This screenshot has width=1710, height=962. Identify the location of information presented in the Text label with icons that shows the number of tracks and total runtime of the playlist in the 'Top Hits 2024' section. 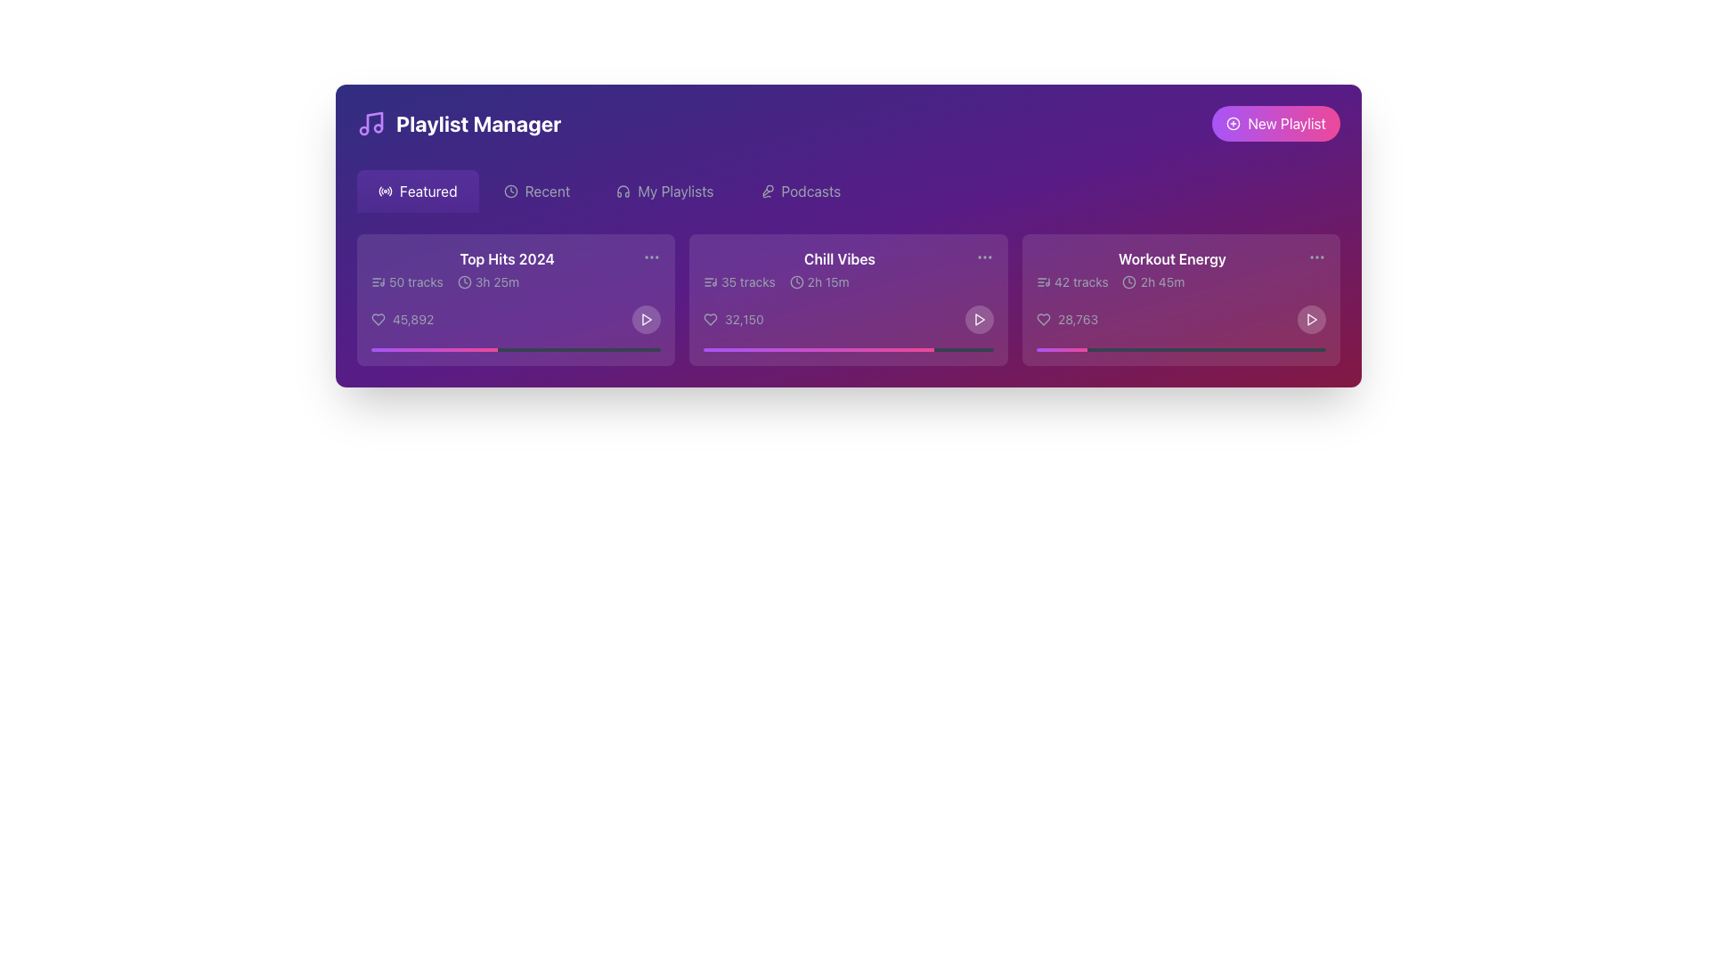
(506, 281).